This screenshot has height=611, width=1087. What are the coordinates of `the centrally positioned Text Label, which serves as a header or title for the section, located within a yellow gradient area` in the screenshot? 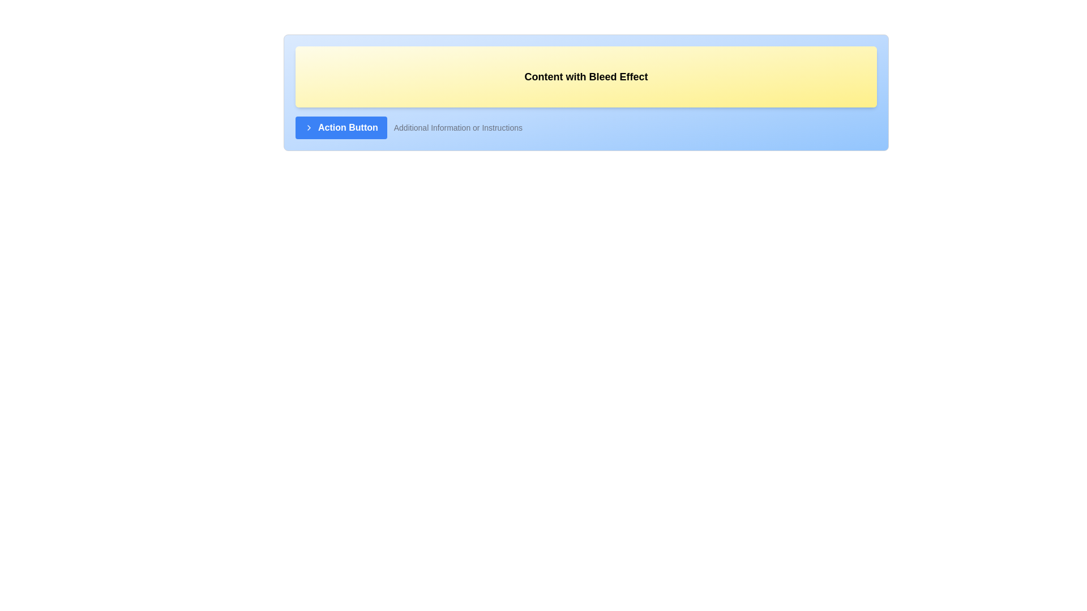 It's located at (586, 76).